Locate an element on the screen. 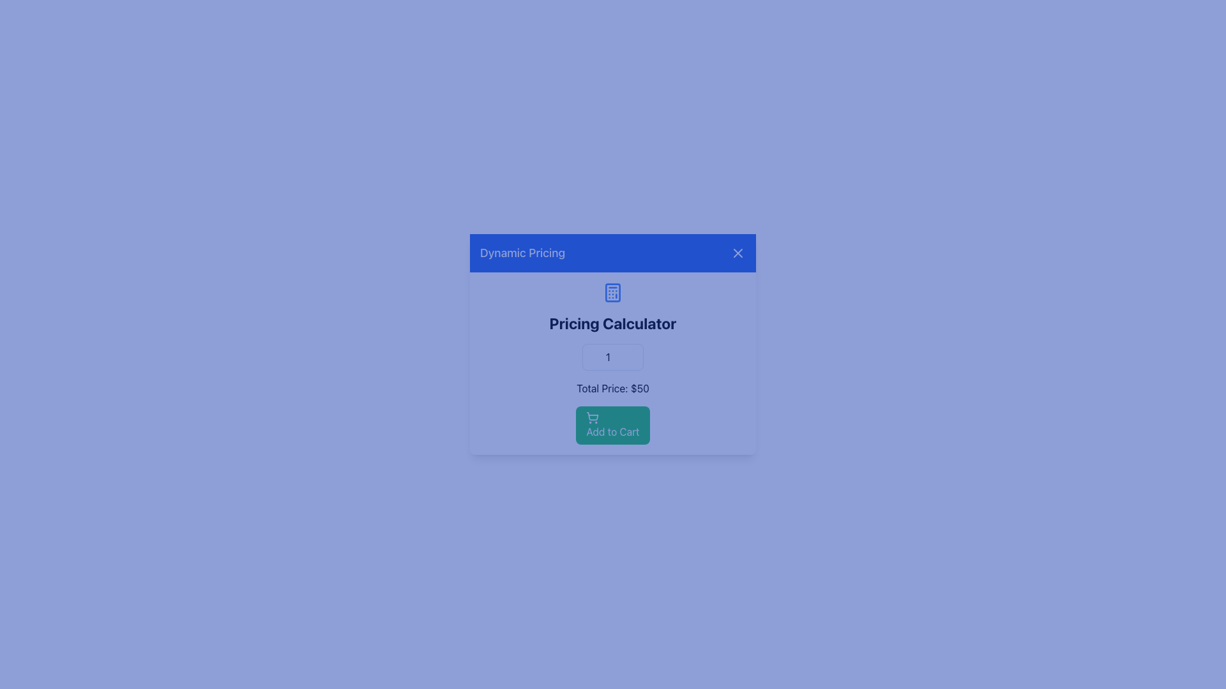  the calculator icon, which is a blue-stroke design located above the 'Pricing Calculator' heading is located at coordinates (613, 293).